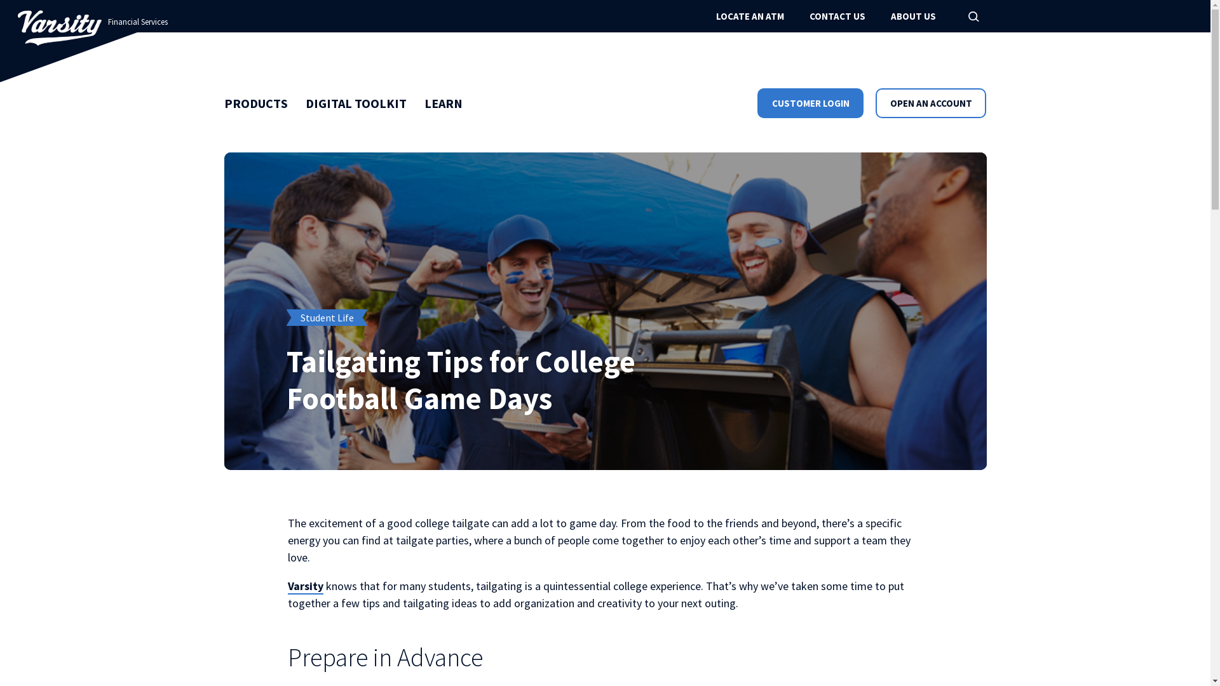  What do you see at coordinates (59, 27) in the screenshot?
I see `'Varsity Bank` at bounding box center [59, 27].